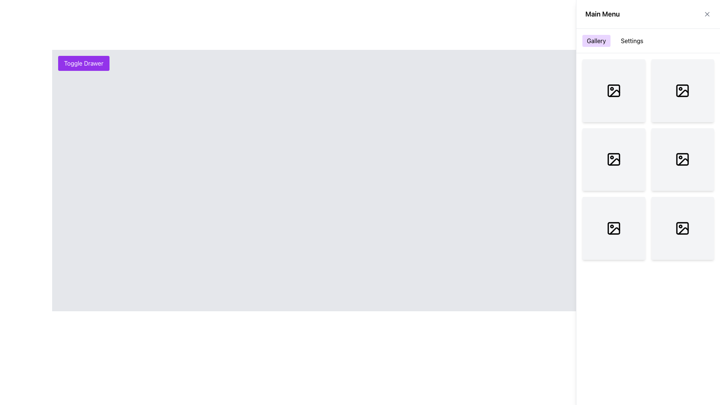  Describe the element at coordinates (613, 90) in the screenshot. I see `the small rectangle with rounded corners located in the first row, second column of the grid in the 'Gallery' section, nested inside an image icon` at that location.